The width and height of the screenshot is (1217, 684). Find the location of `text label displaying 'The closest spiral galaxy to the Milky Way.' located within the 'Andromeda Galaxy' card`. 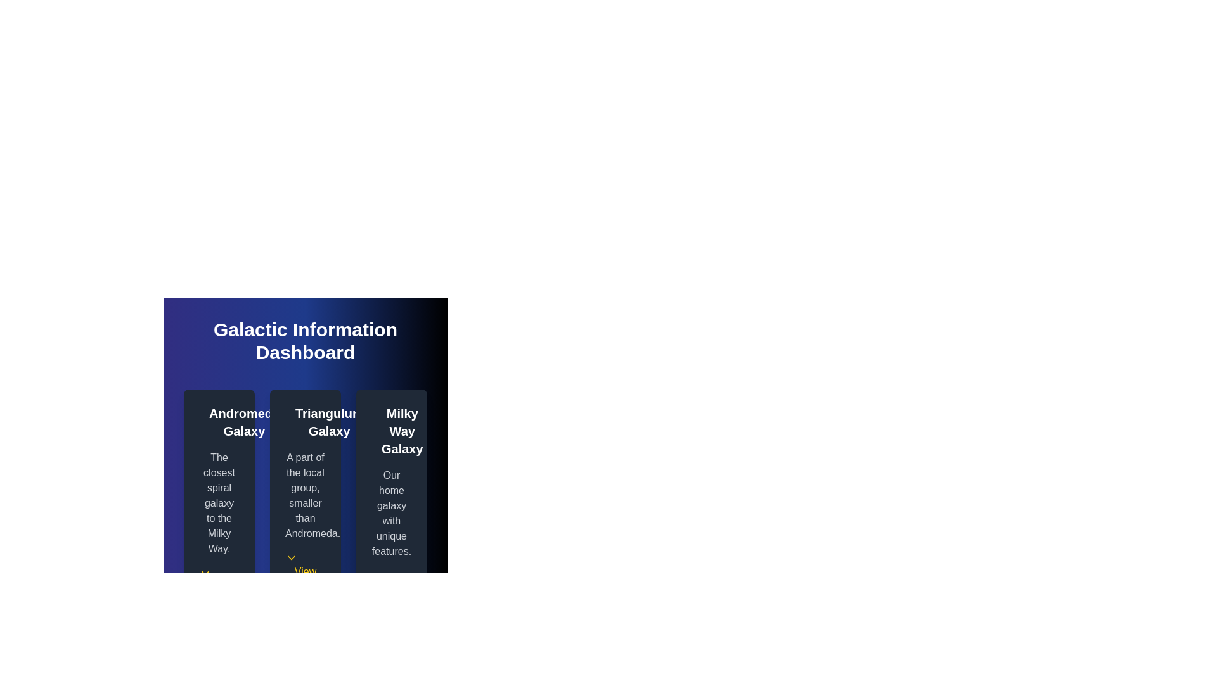

text label displaying 'The closest spiral galaxy to the Milky Way.' located within the 'Andromeda Galaxy' card is located at coordinates (219, 502).